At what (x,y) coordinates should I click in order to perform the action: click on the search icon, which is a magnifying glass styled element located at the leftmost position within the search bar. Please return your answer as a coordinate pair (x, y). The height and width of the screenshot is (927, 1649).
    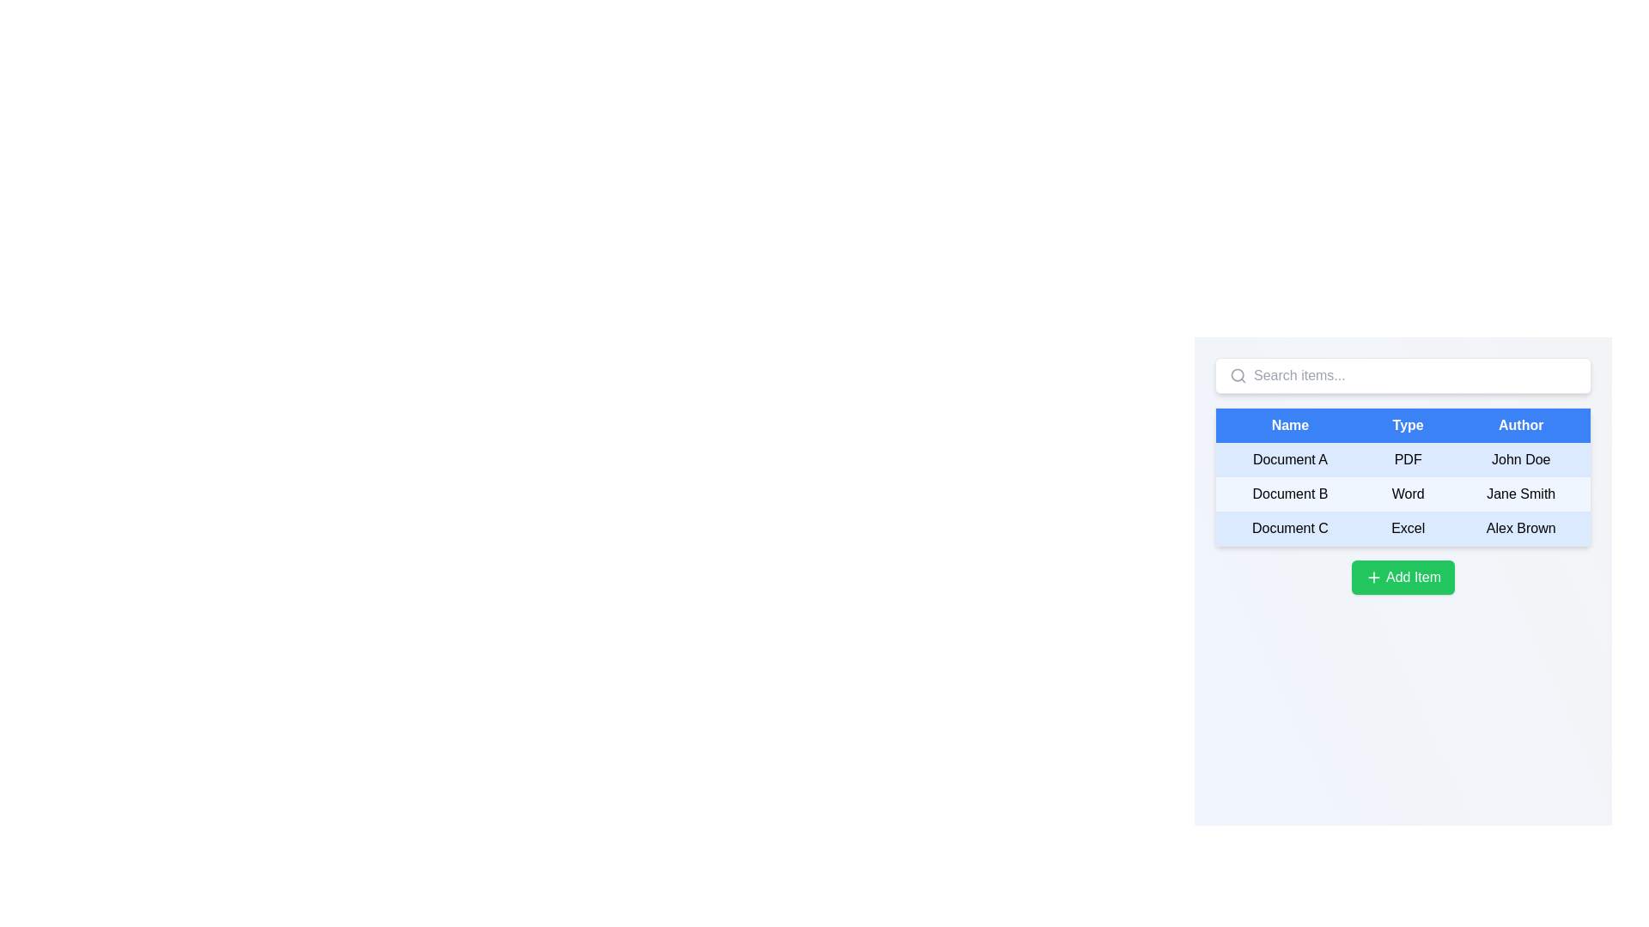
    Looking at the image, I should click on (1238, 375).